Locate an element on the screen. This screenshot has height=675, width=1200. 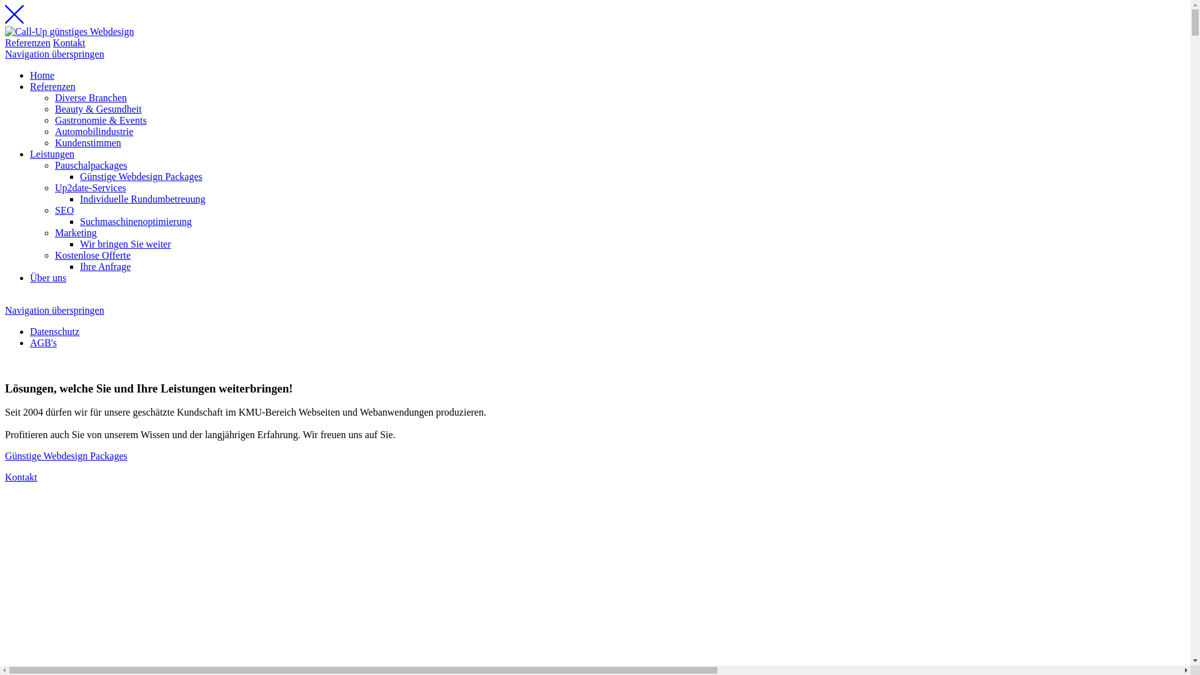
'Gastronomie & Events' is located at coordinates (101, 120).